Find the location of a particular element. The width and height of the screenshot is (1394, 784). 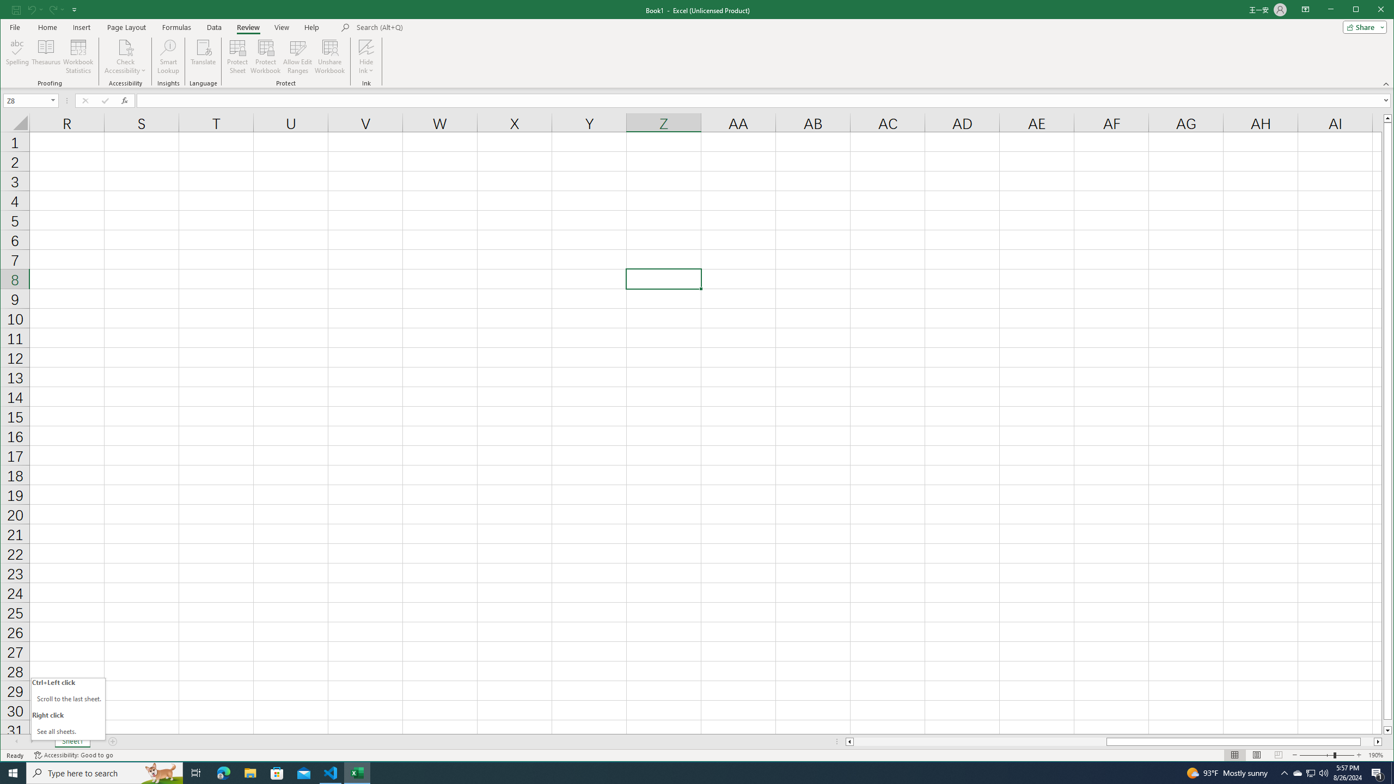

'Action Center, 1 new notification' is located at coordinates (1378, 772).